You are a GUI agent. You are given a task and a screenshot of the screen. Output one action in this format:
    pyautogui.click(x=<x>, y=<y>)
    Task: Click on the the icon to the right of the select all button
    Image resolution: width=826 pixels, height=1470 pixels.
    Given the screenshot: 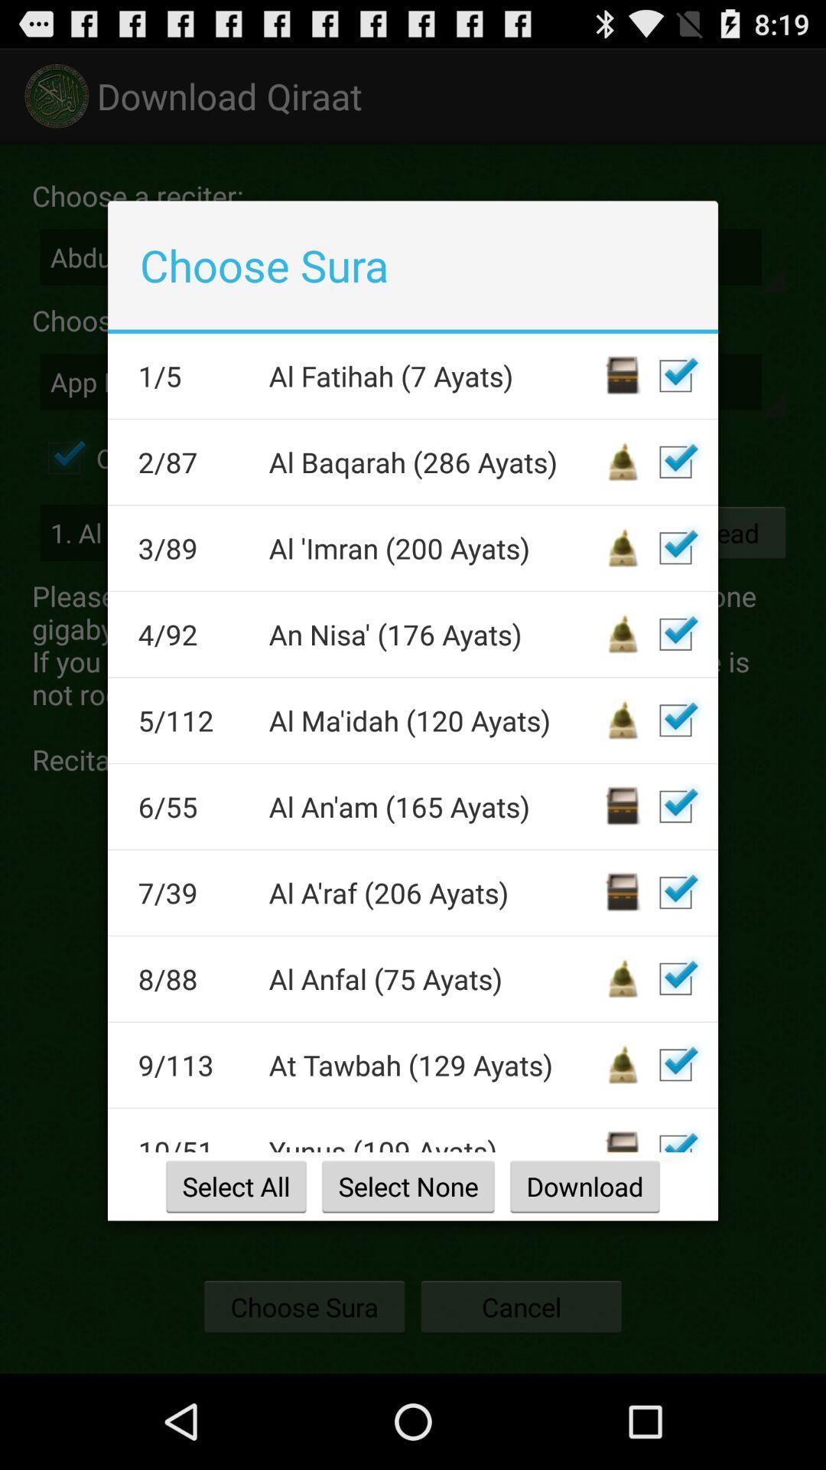 What is the action you would take?
    pyautogui.click(x=407, y=1185)
    